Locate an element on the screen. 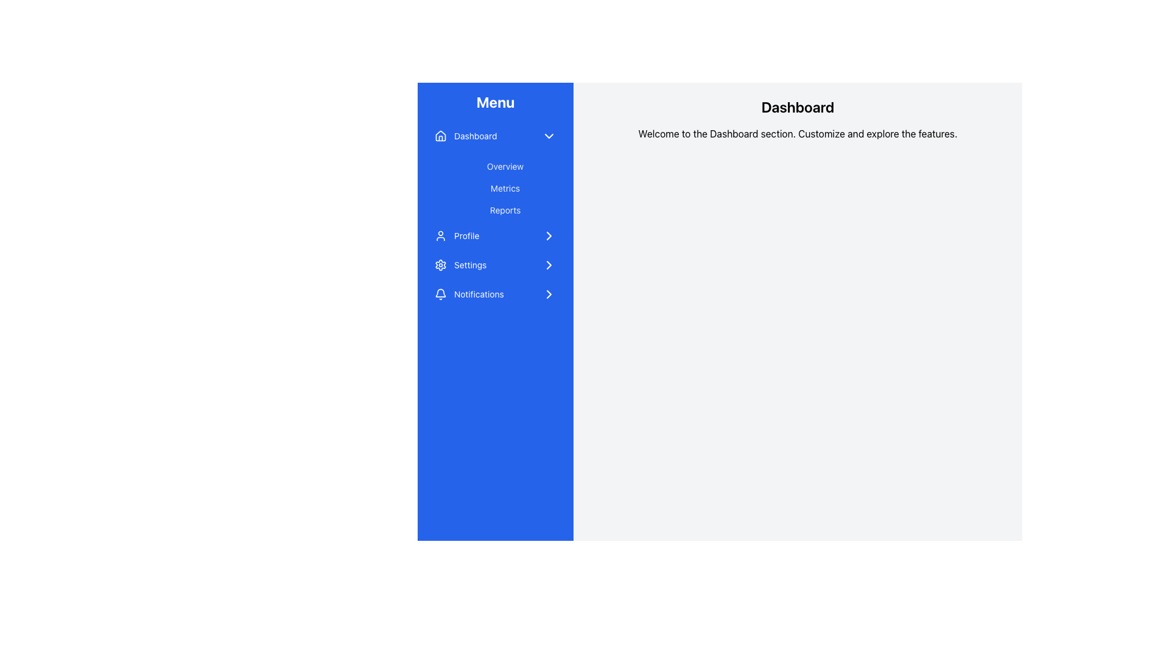  the 'Notifications' menu item in the vertical navigation bar, which is styled with a blue background and features a bell icon on the left and a right-pointing chevron icon on the right is located at coordinates (496, 294).